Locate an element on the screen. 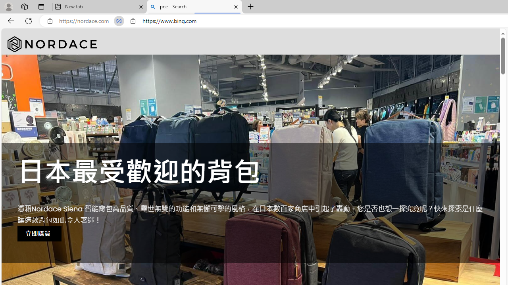 Image resolution: width=508 pixels, height=285 pixels. 'poe - Search' is located at coordinates (194, 7).